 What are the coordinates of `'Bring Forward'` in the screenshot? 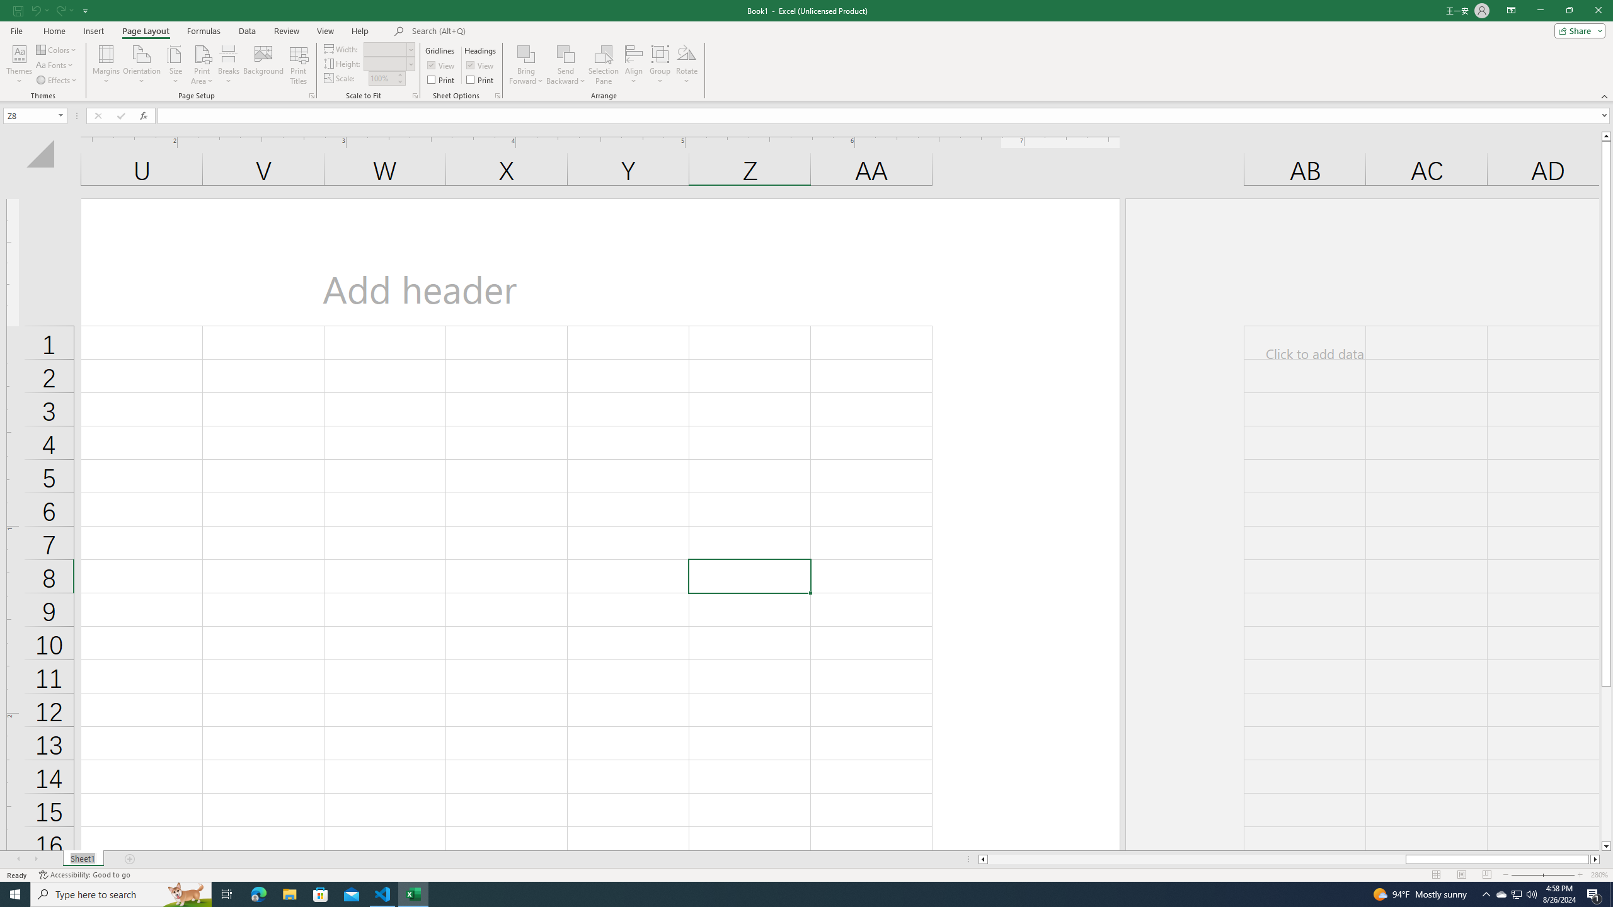 It's located at (526, 65).